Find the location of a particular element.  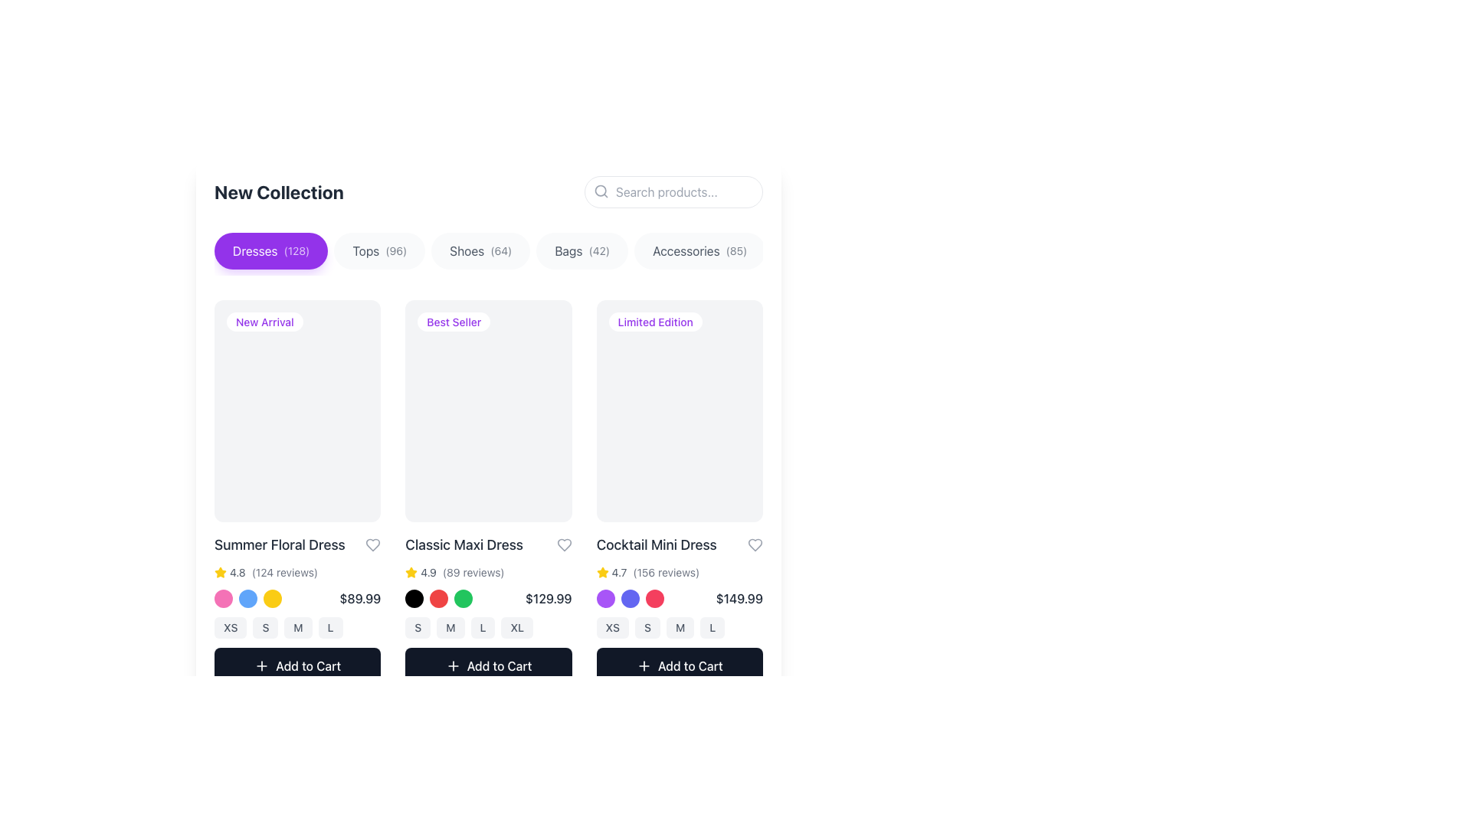

the text label providing supplementary information about the number of reviews associated with the rated item, located to the right of the numerical rating '4.8' and the accompanying star icon is located at coordinates (284, 572).